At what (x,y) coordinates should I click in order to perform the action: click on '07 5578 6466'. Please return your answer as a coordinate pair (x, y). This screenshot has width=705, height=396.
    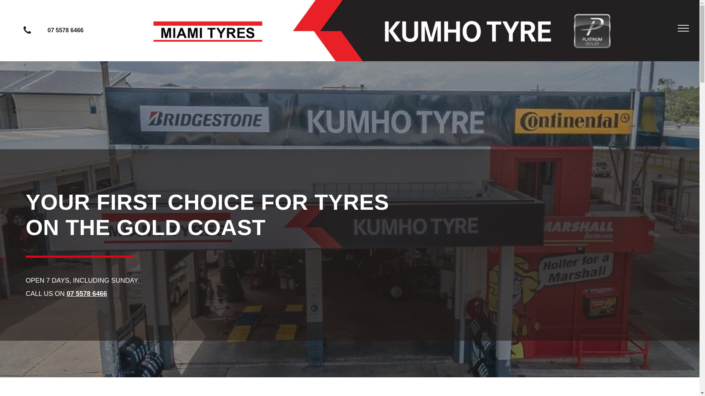
    Looking at the image, I should click on (58, 30).